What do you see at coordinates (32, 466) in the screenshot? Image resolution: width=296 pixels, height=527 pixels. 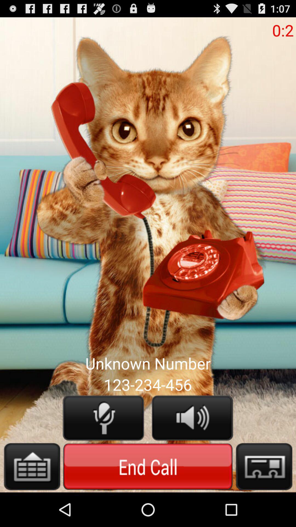 I see `open keyboard` at bounding box center [32, 466].